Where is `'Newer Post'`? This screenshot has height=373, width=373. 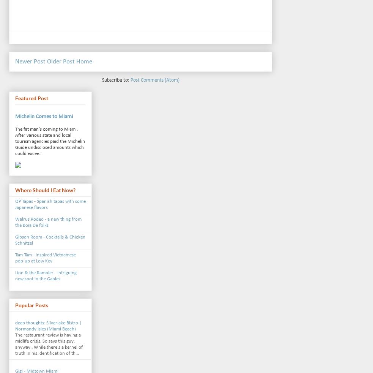
'Newer Post' is located at coordinates (30, 61).